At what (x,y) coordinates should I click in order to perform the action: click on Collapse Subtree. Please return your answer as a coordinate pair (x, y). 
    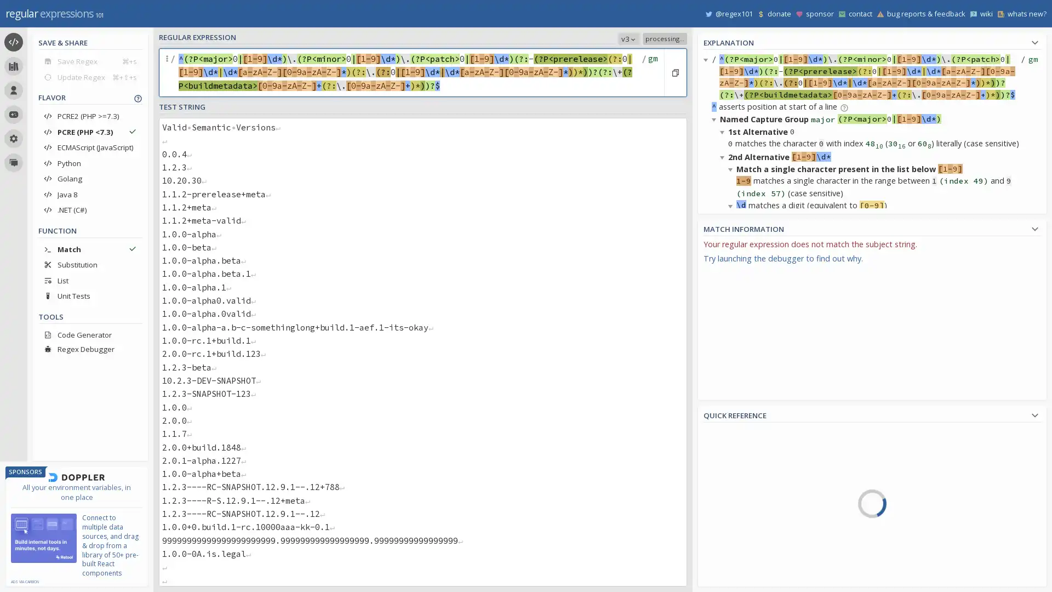
    Looking at the image, I should click on (707, 59).